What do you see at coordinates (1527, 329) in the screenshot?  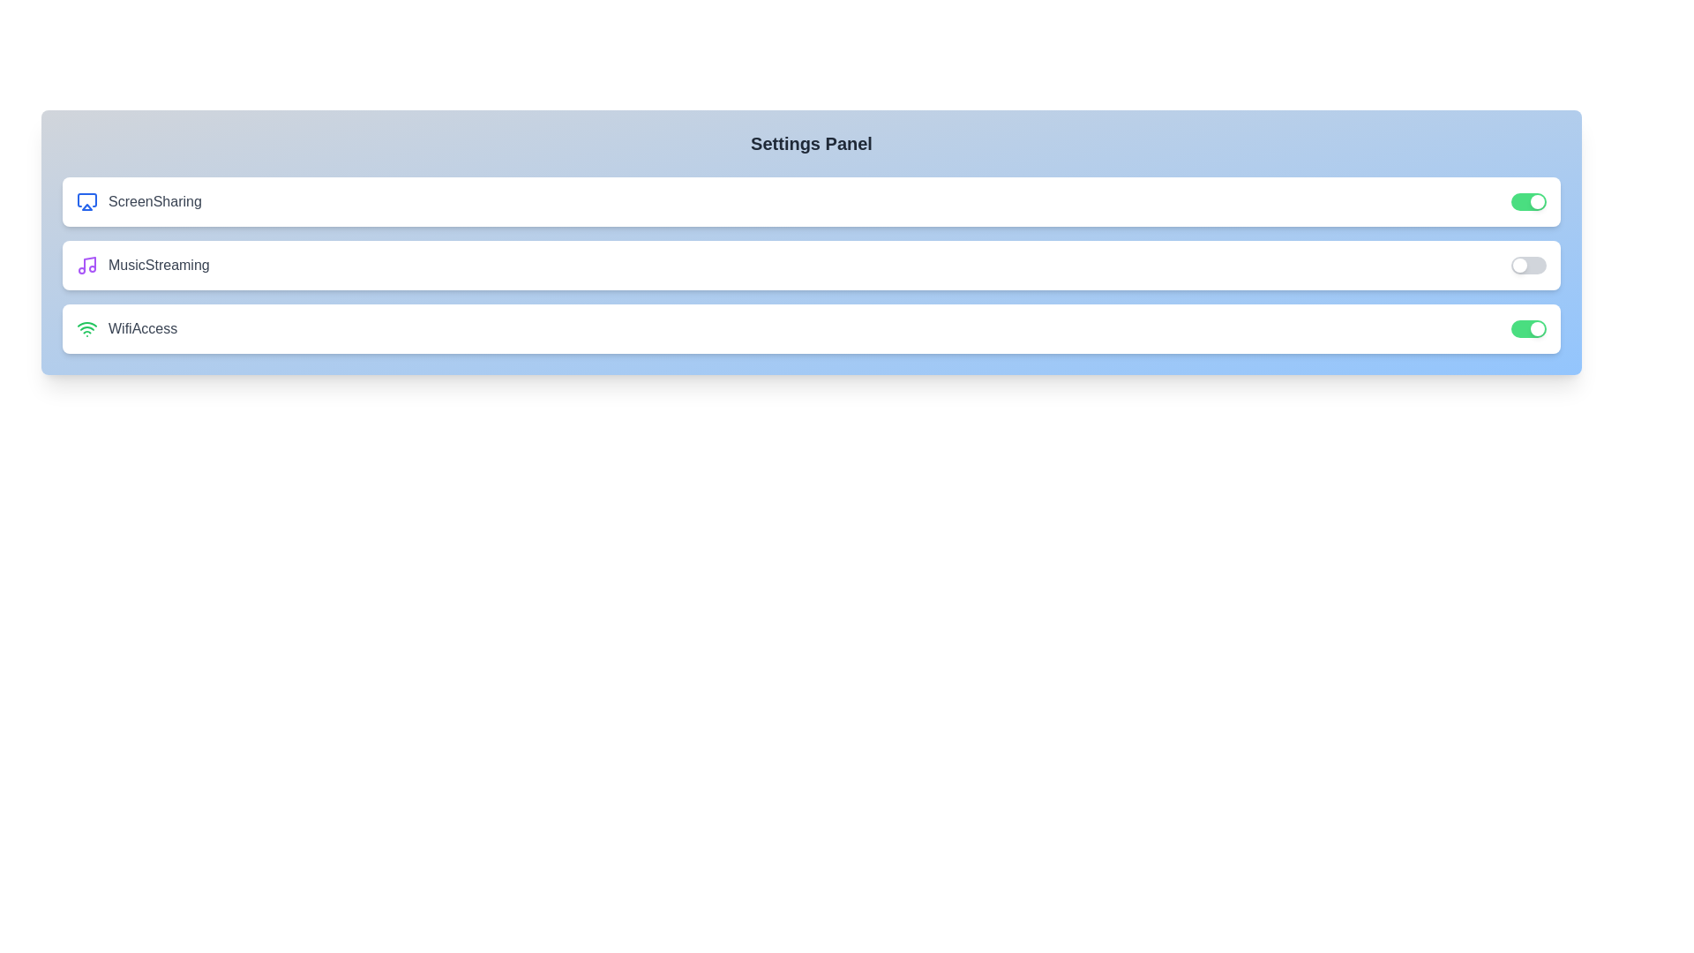 I see `the toggle button for 'WifiAccess' to change its state` at bounding box center [1527, 329].